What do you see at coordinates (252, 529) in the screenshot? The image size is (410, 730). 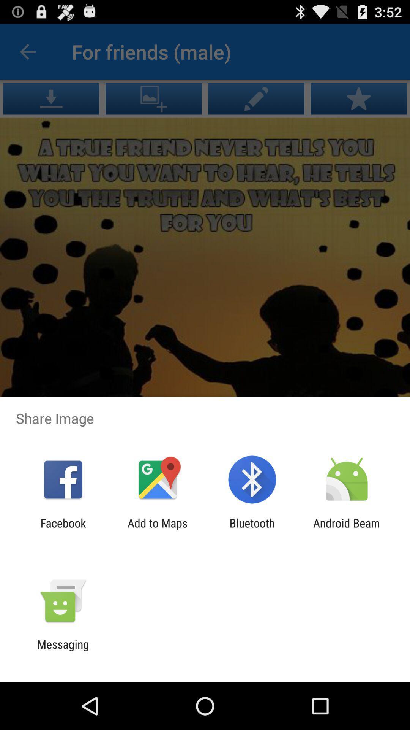 I see `the app next to the add to maps item` at bounding box center [252, 529].